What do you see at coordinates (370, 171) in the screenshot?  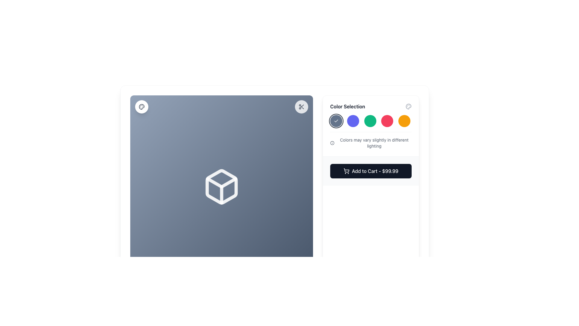 I see `the button located at the bottom part of the panel` at bounding box center [370, 171].